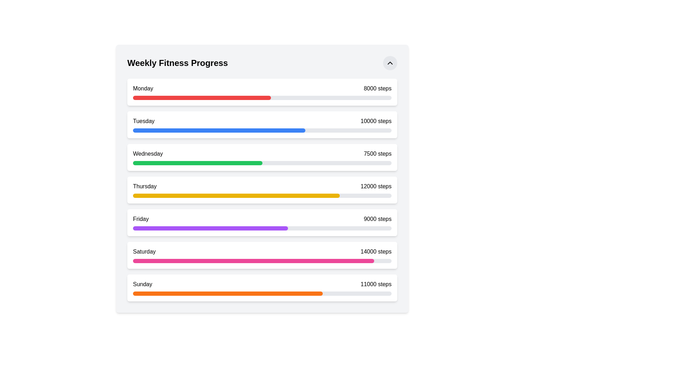 This screenshot has width=681, height=383. Describe the element at coordinates (262, 190) in the screenshot. I see `the visual data display card for 'Thursday' in the Weekly Fitness Progress section, which shows '12000 steps' and a progress bar` at that location.